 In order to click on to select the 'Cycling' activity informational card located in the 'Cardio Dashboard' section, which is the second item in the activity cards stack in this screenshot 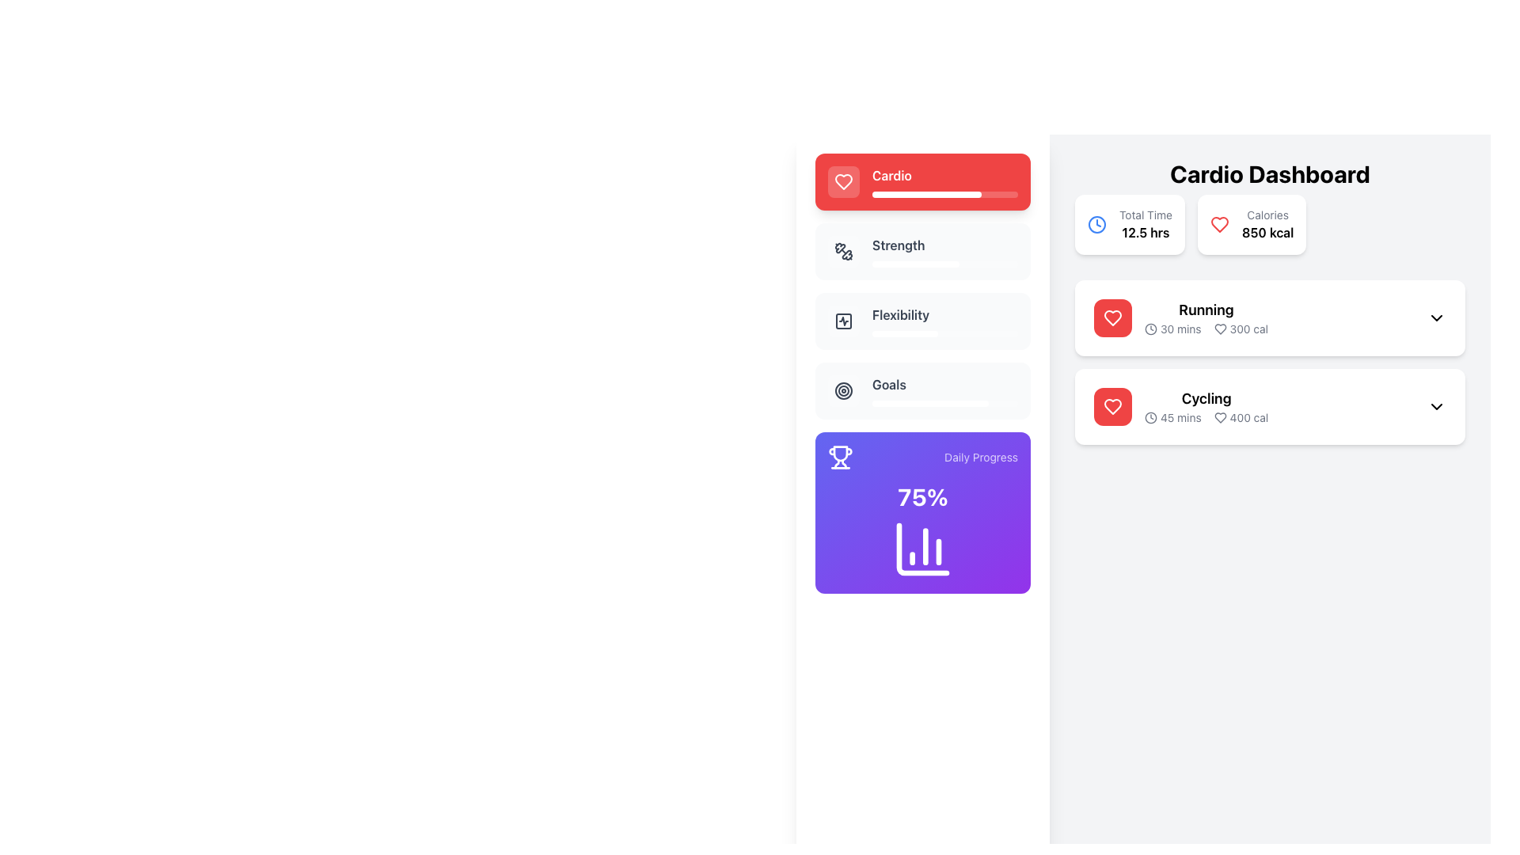, I will do `click(1181, 405)`.